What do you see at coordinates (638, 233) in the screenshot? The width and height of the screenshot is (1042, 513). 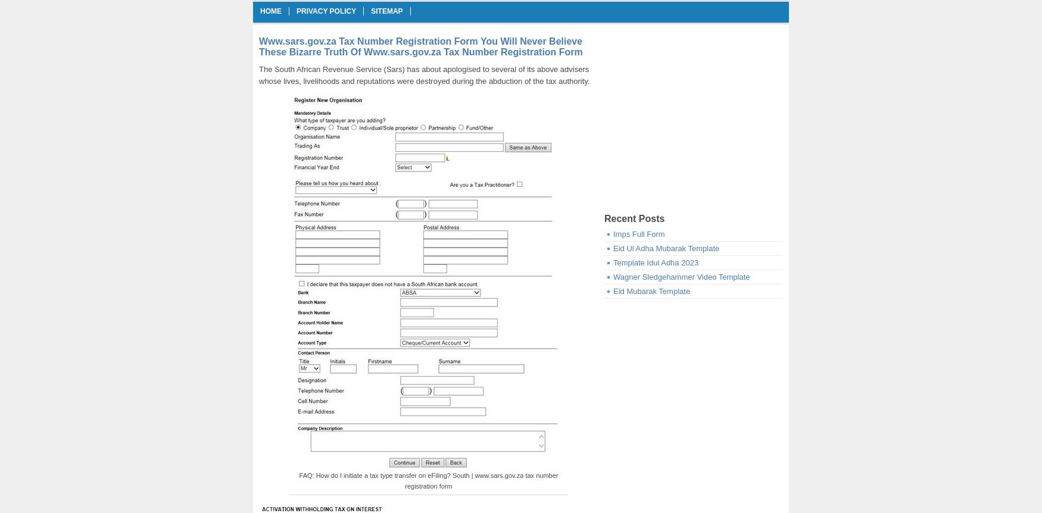 I see `'Imps Full Form'` at bounding box center [638, 233].